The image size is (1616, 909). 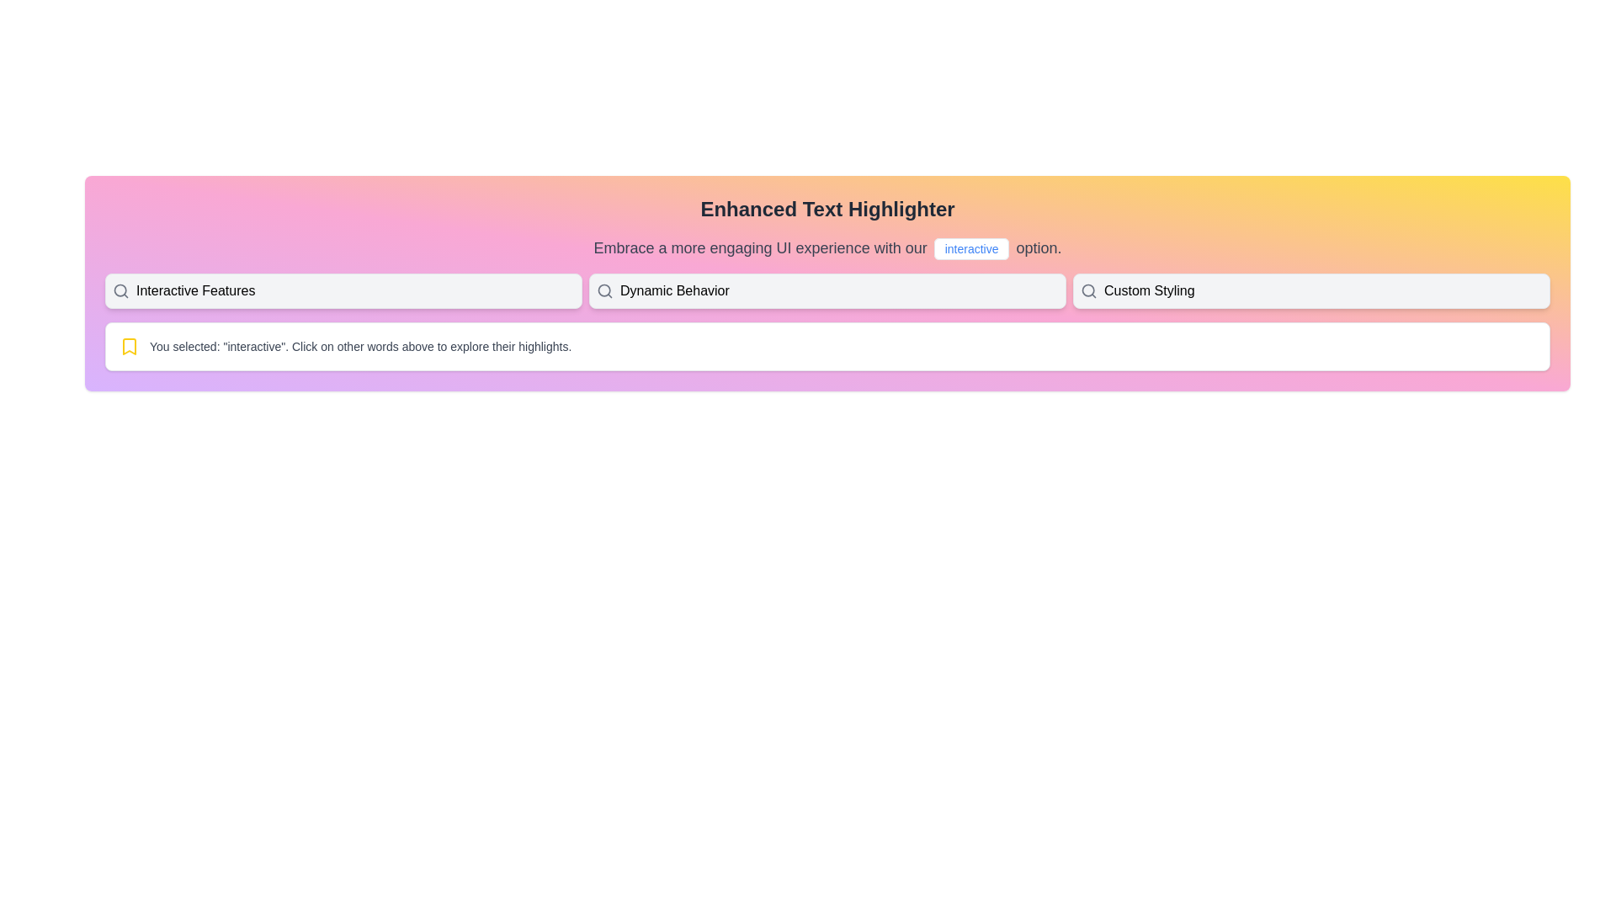 What do you see at coordinates (128, 346) in the screenshot?
I see `the yellow bookmark icon located to the far left of the text that starts with 'You selected: "interactive"'` at bounding box center [128, 346].